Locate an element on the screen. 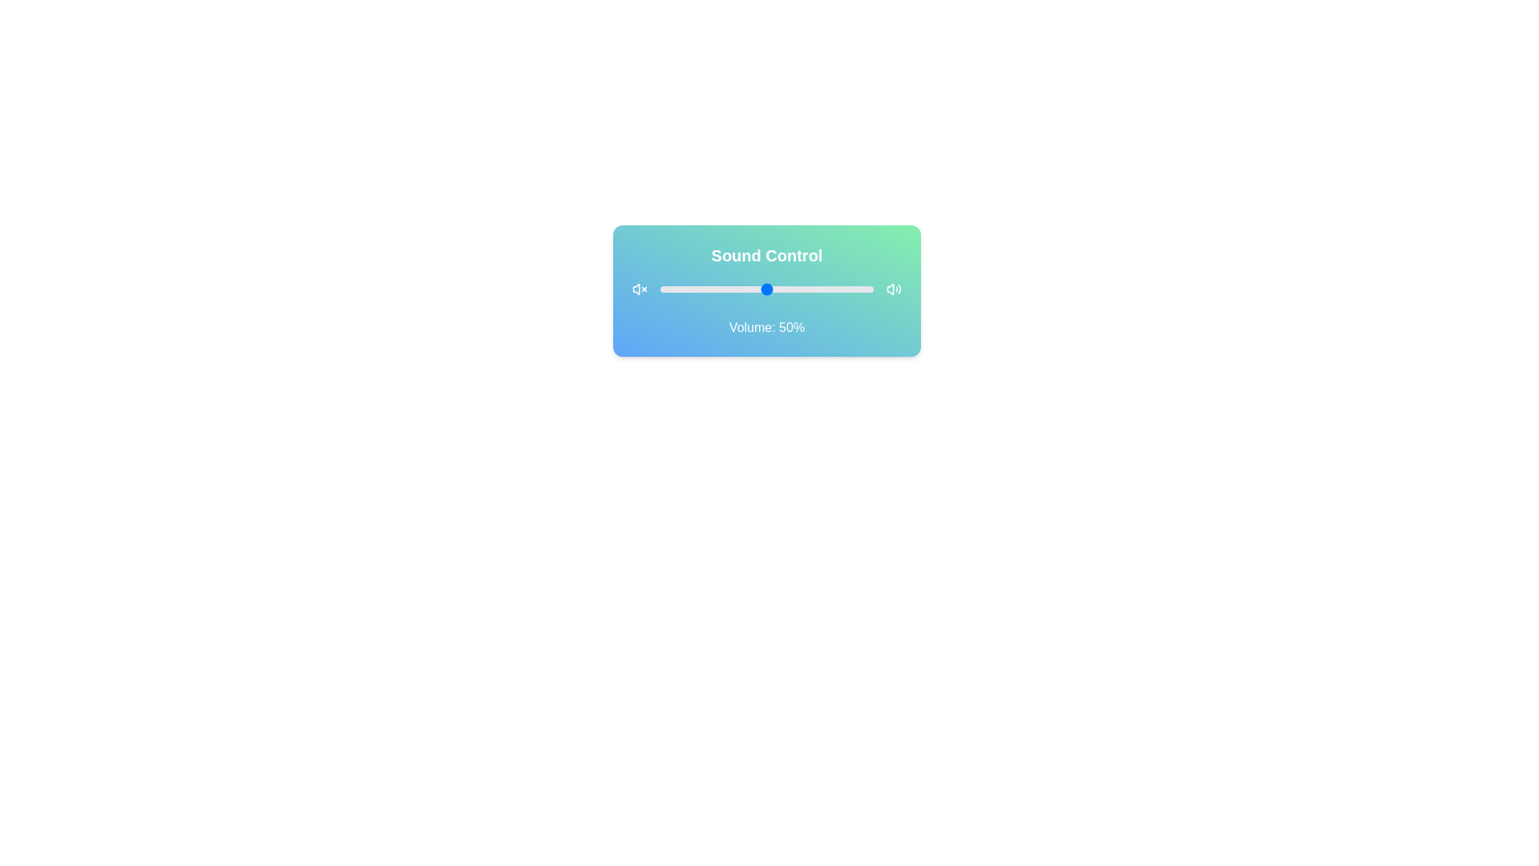 This screenshot has height=866, width=1539. the volume slider is located at coordinates (834, 289).